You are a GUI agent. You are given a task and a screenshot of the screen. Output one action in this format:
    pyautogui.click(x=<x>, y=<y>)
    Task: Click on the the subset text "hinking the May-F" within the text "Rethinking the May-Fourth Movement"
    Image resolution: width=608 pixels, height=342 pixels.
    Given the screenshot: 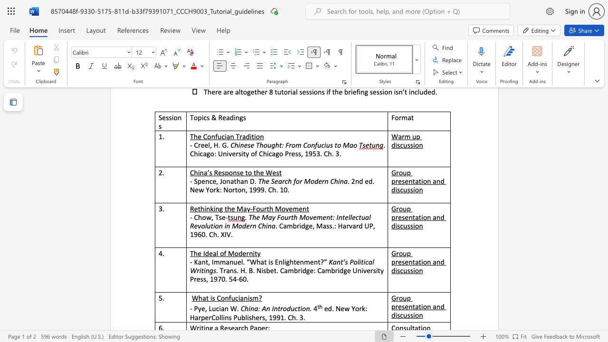 What is the action you would take?
    pyautogui.click(x=200, y=208)
    